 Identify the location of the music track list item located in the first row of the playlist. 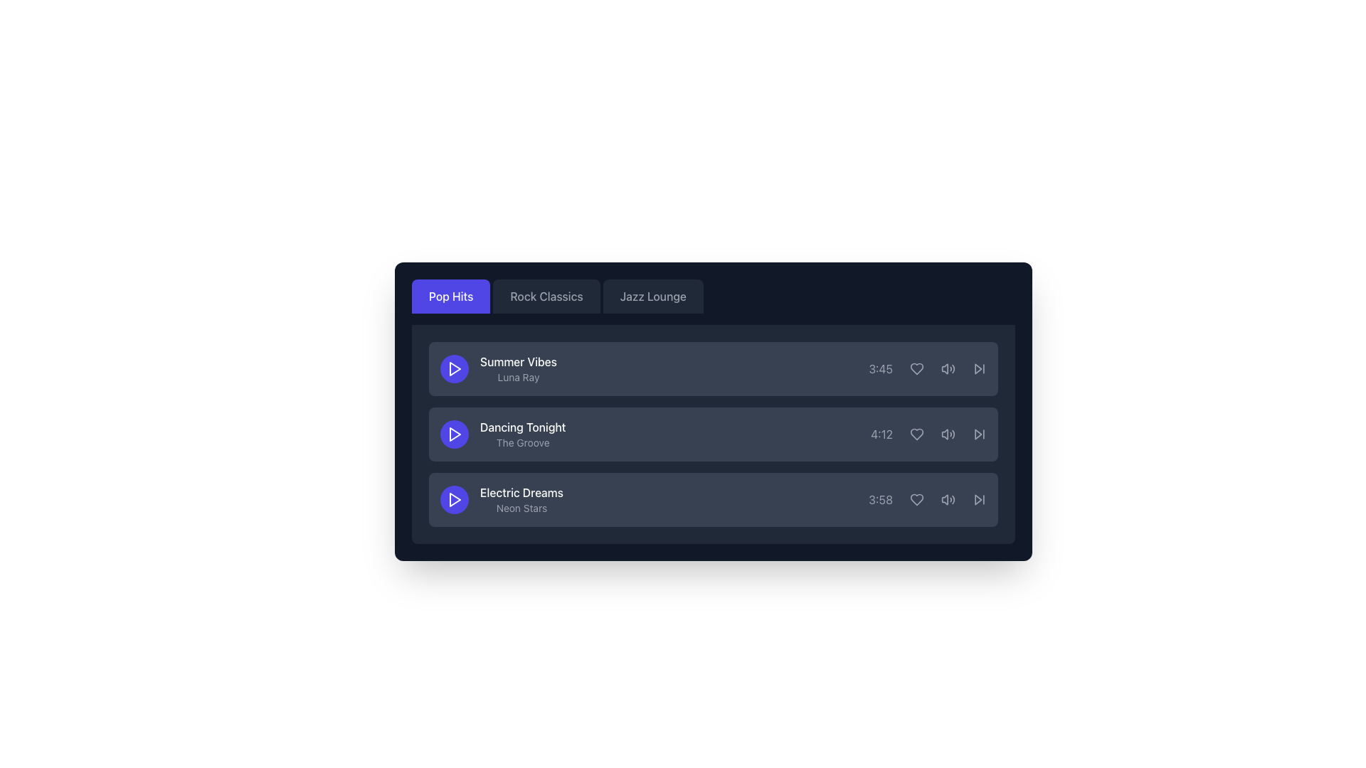
(714, 368).